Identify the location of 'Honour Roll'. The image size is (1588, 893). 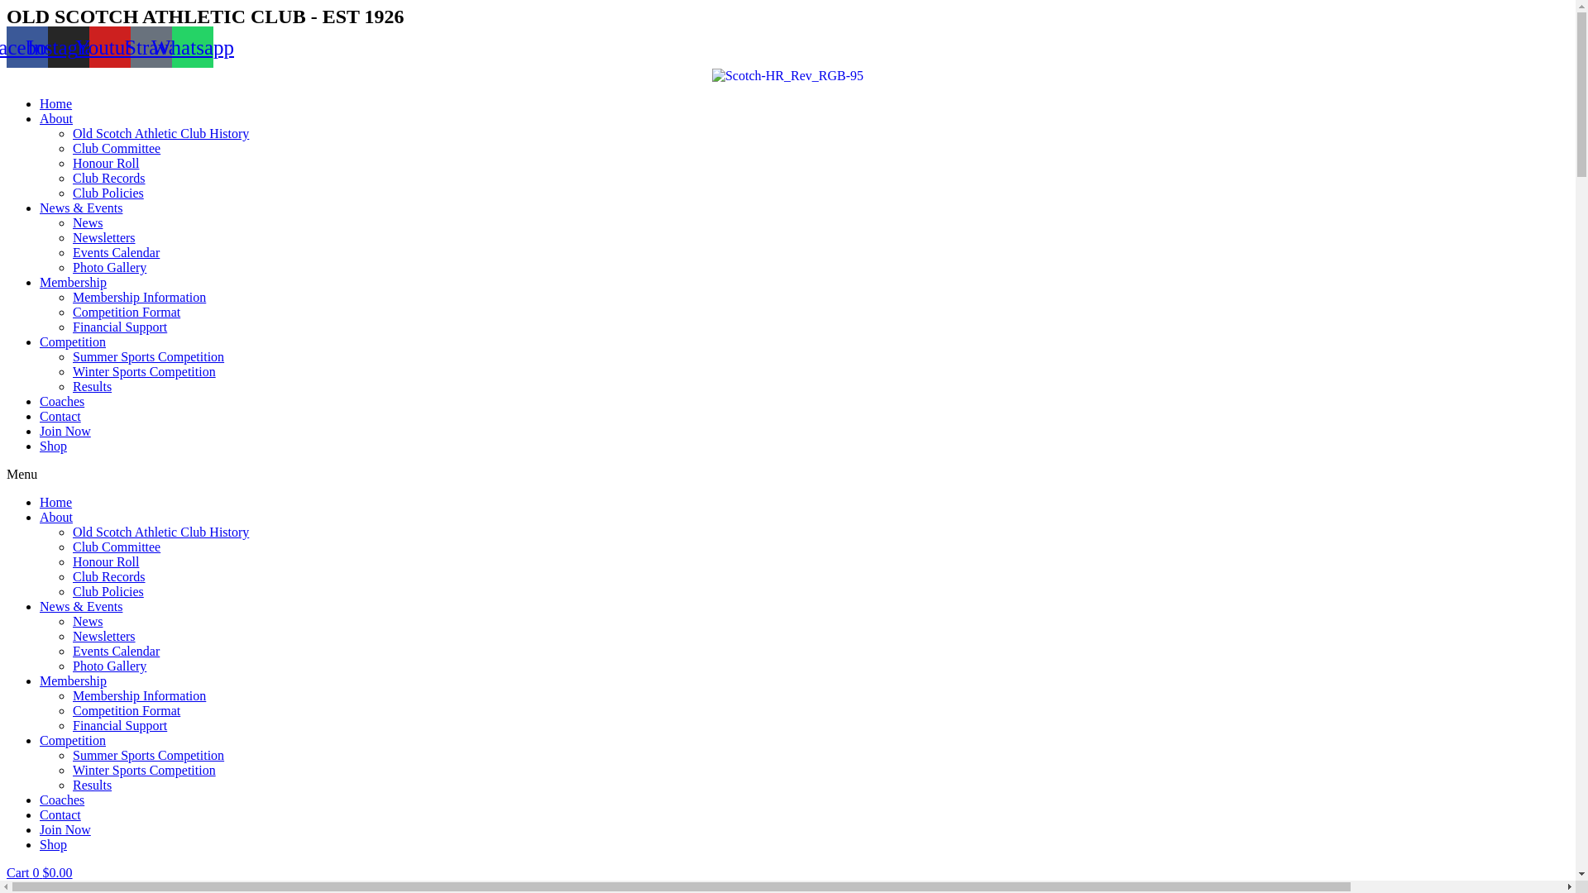
(105, 163).